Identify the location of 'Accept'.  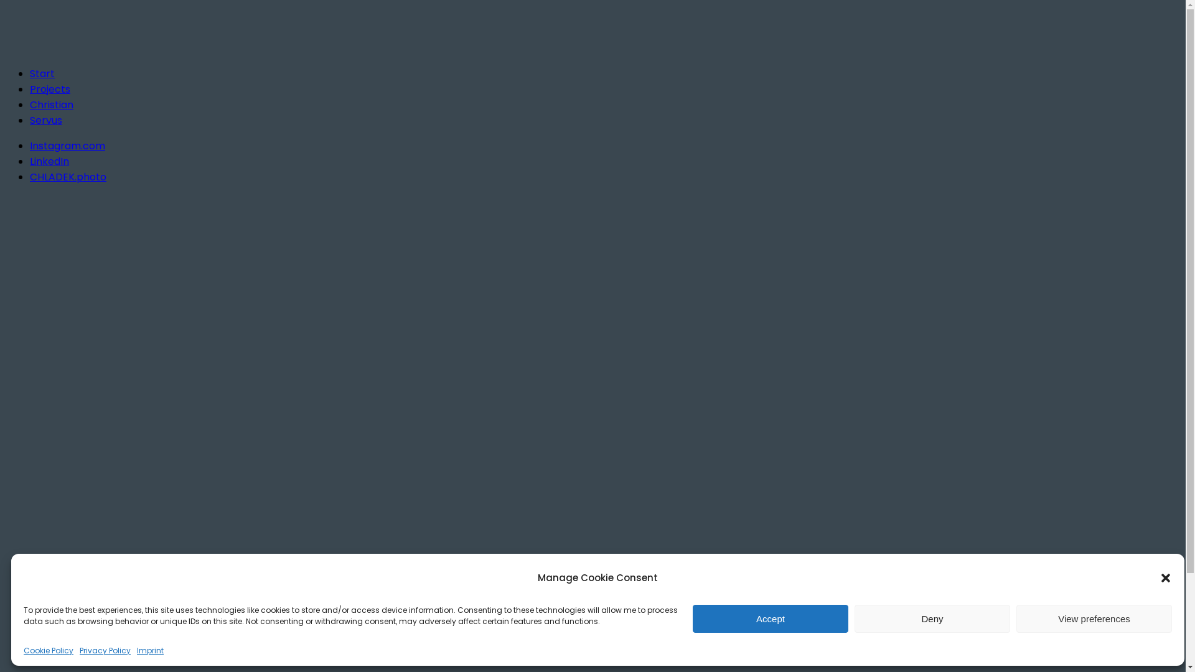
(770, 618).